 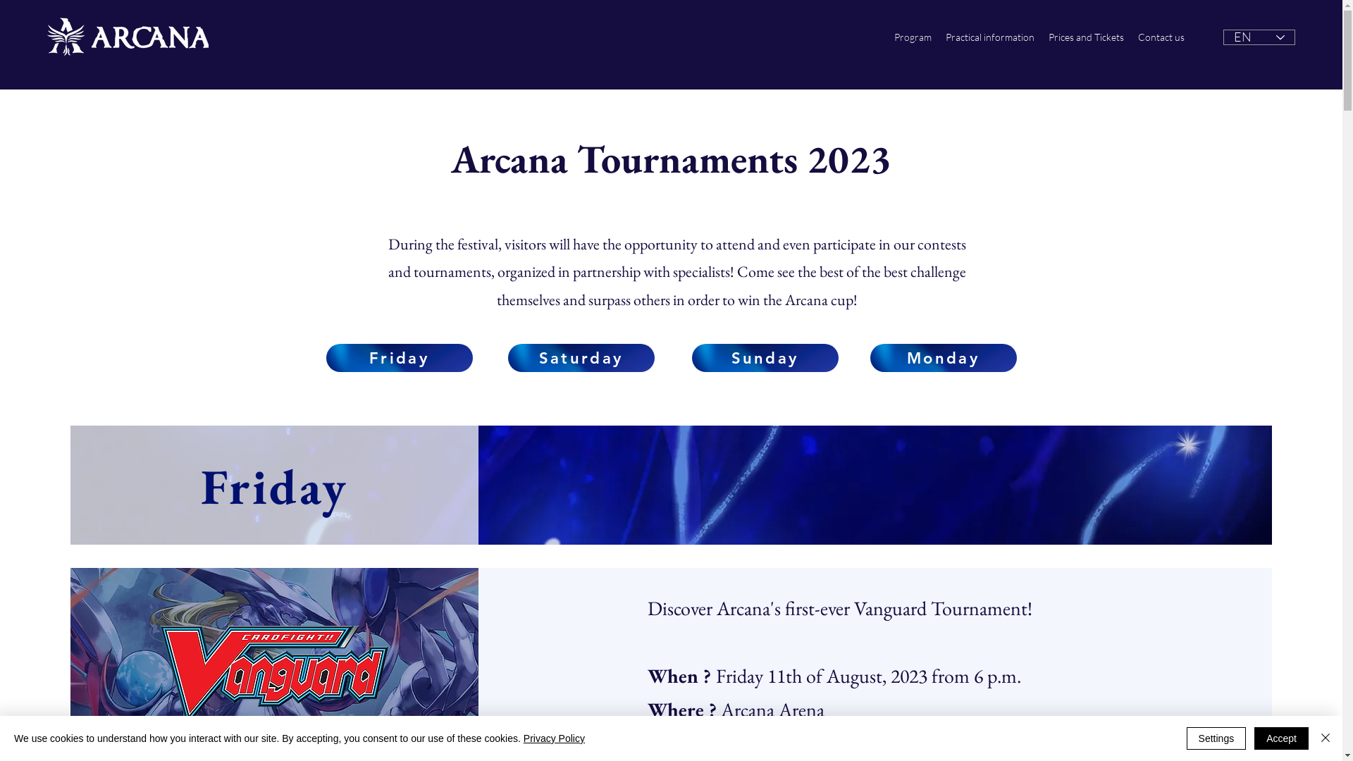 What do you see at coordinates (886, 733) in the screenshot?
I see `'Info and registration'` at bounding box center [886, 733].